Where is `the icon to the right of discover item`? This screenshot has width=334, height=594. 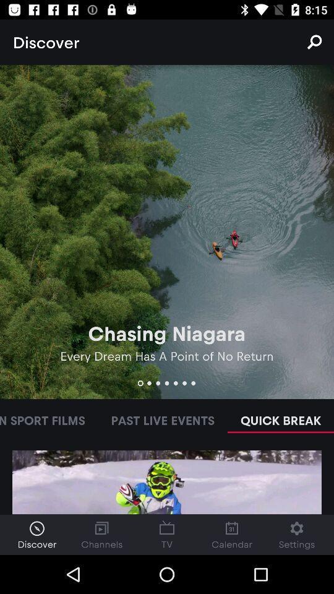
the icon to the right of discover item is located at coordinates (314, 42).